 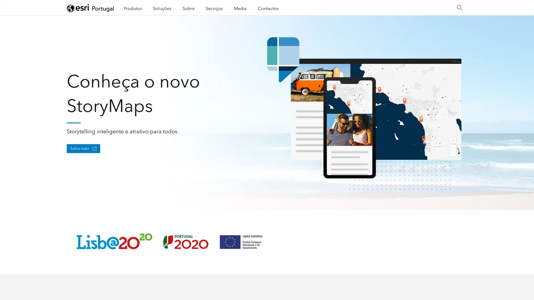 I want to click on Produtos, so click(x=132, y=7).